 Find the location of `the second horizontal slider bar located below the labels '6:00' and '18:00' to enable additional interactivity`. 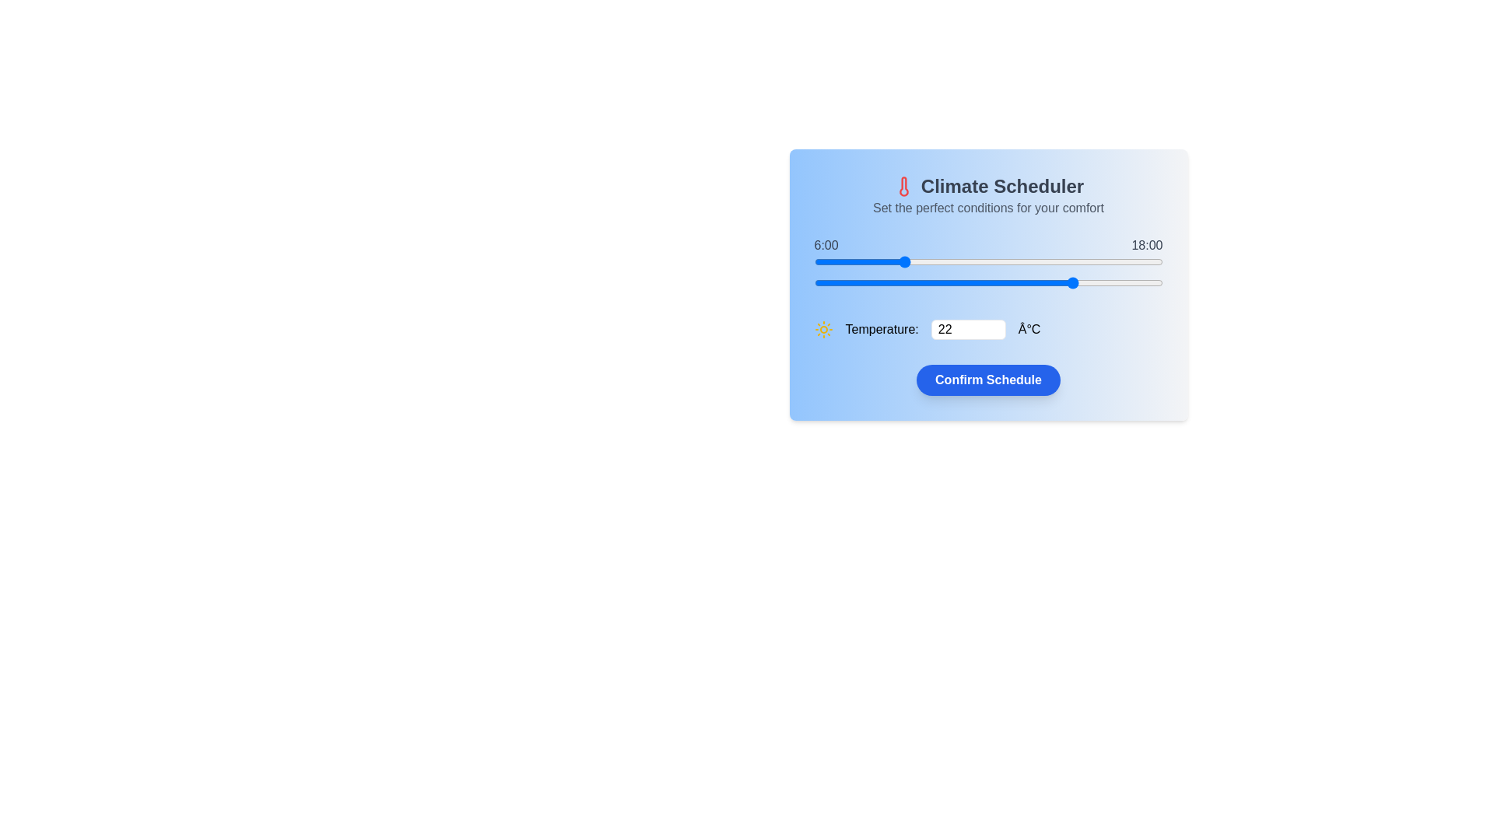

the second horizontal slider bar located below the labels '6:00' and '18:00' to enable additional interactivity is located at coordinates (987, 282).